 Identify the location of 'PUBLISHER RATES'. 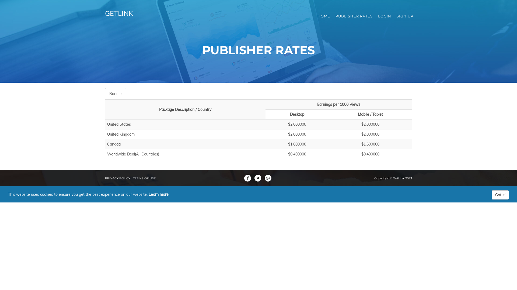
(333, 16).